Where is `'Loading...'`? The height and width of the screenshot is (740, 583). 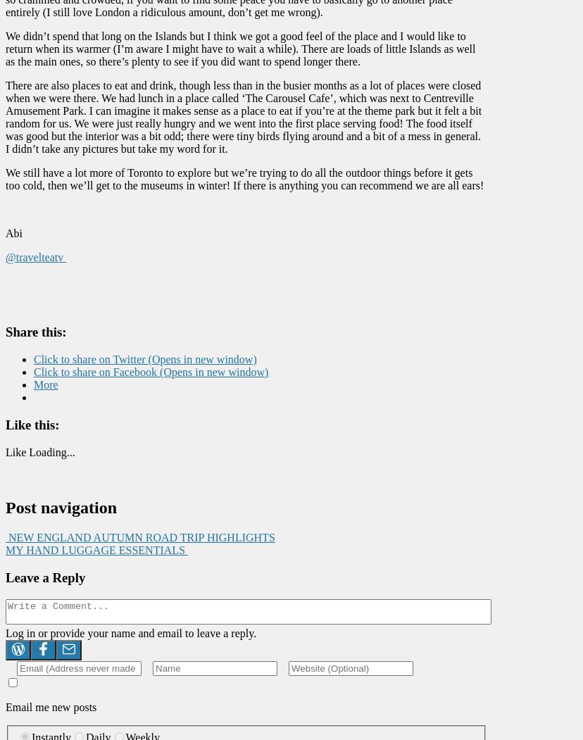 'Loading...' is located at coordinates (51, 451).